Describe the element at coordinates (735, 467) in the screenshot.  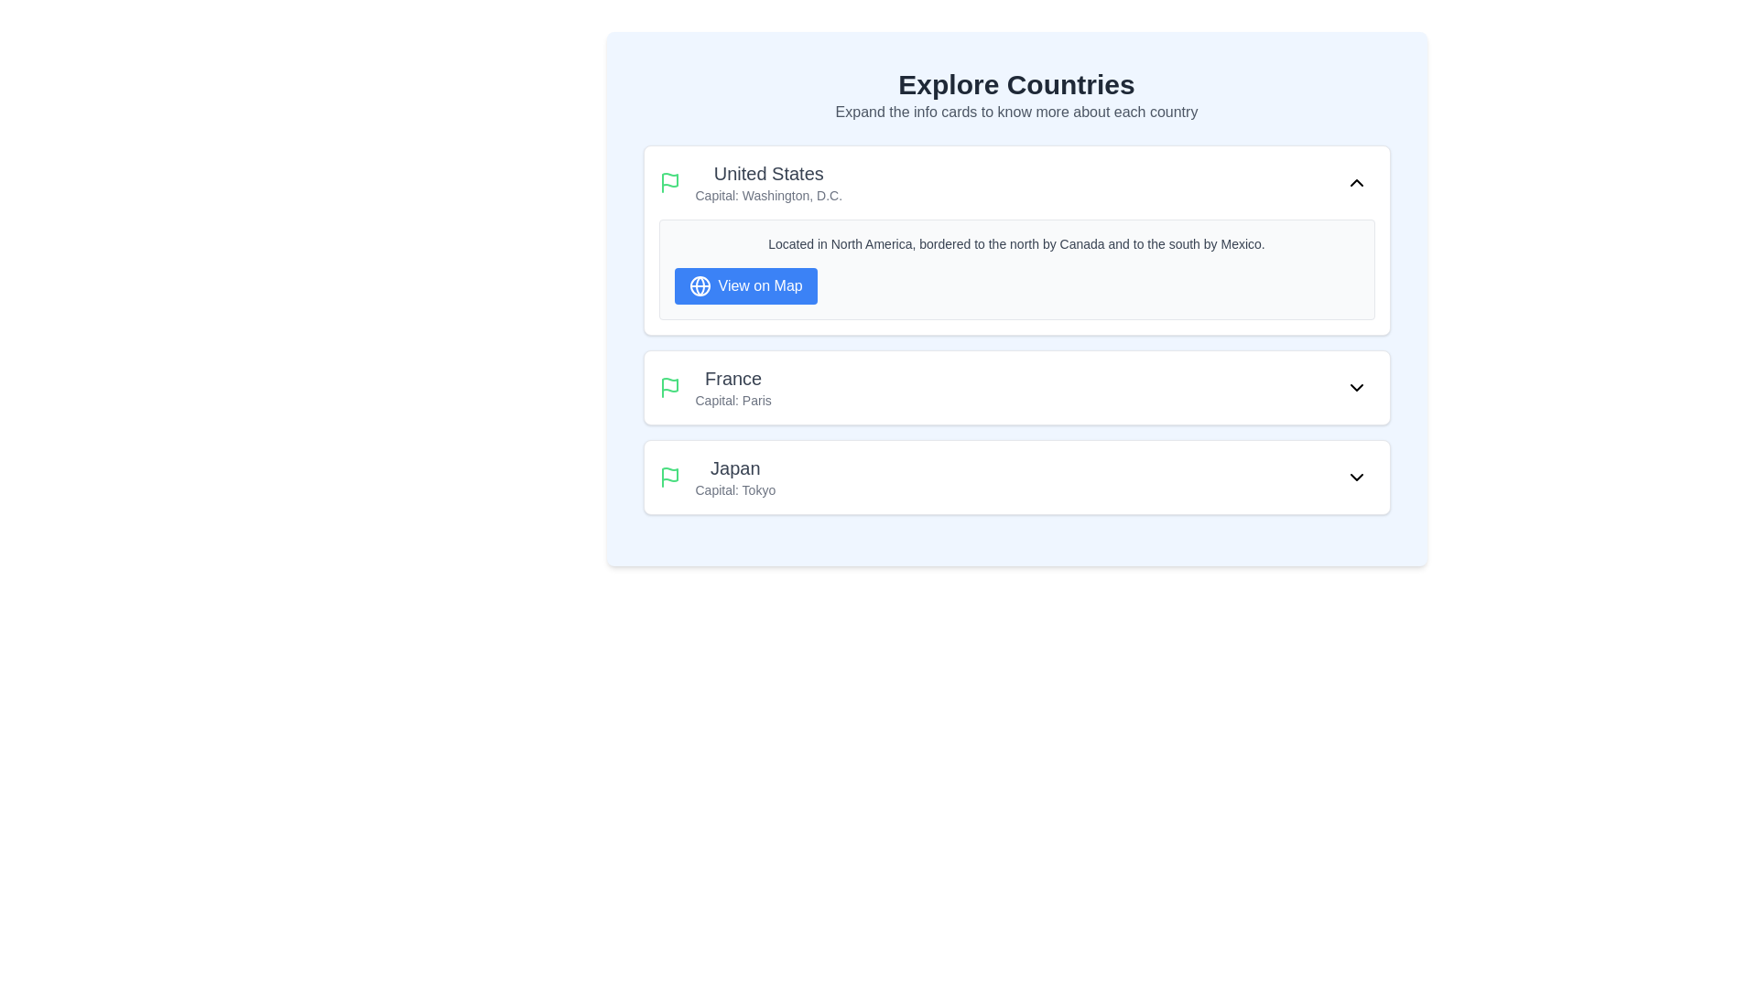
I see `prominent text label 'Japan' displayed at the top of the third card in a vertically stacked list of country information cards` at that location.